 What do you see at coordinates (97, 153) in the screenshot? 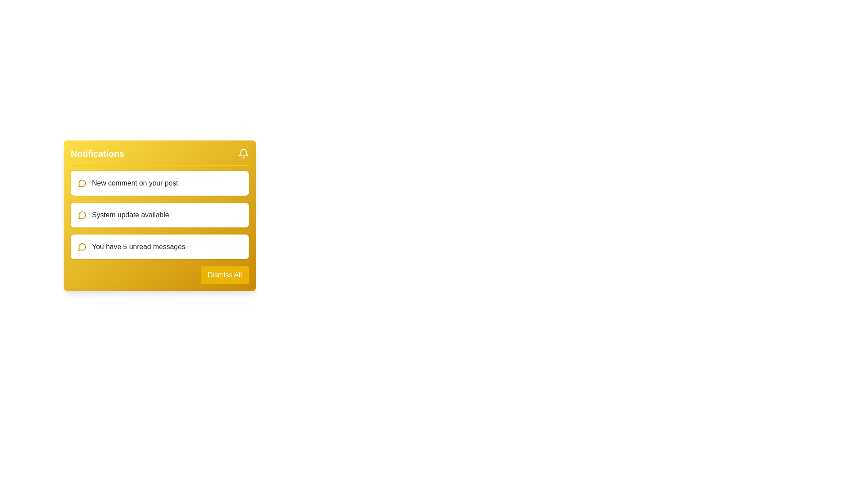
I see `bold white text labeled 'Notifications' displayed in a large font size on a yellow background, located at the top-left corner of the notification panel` at bounding box center [97, 153].